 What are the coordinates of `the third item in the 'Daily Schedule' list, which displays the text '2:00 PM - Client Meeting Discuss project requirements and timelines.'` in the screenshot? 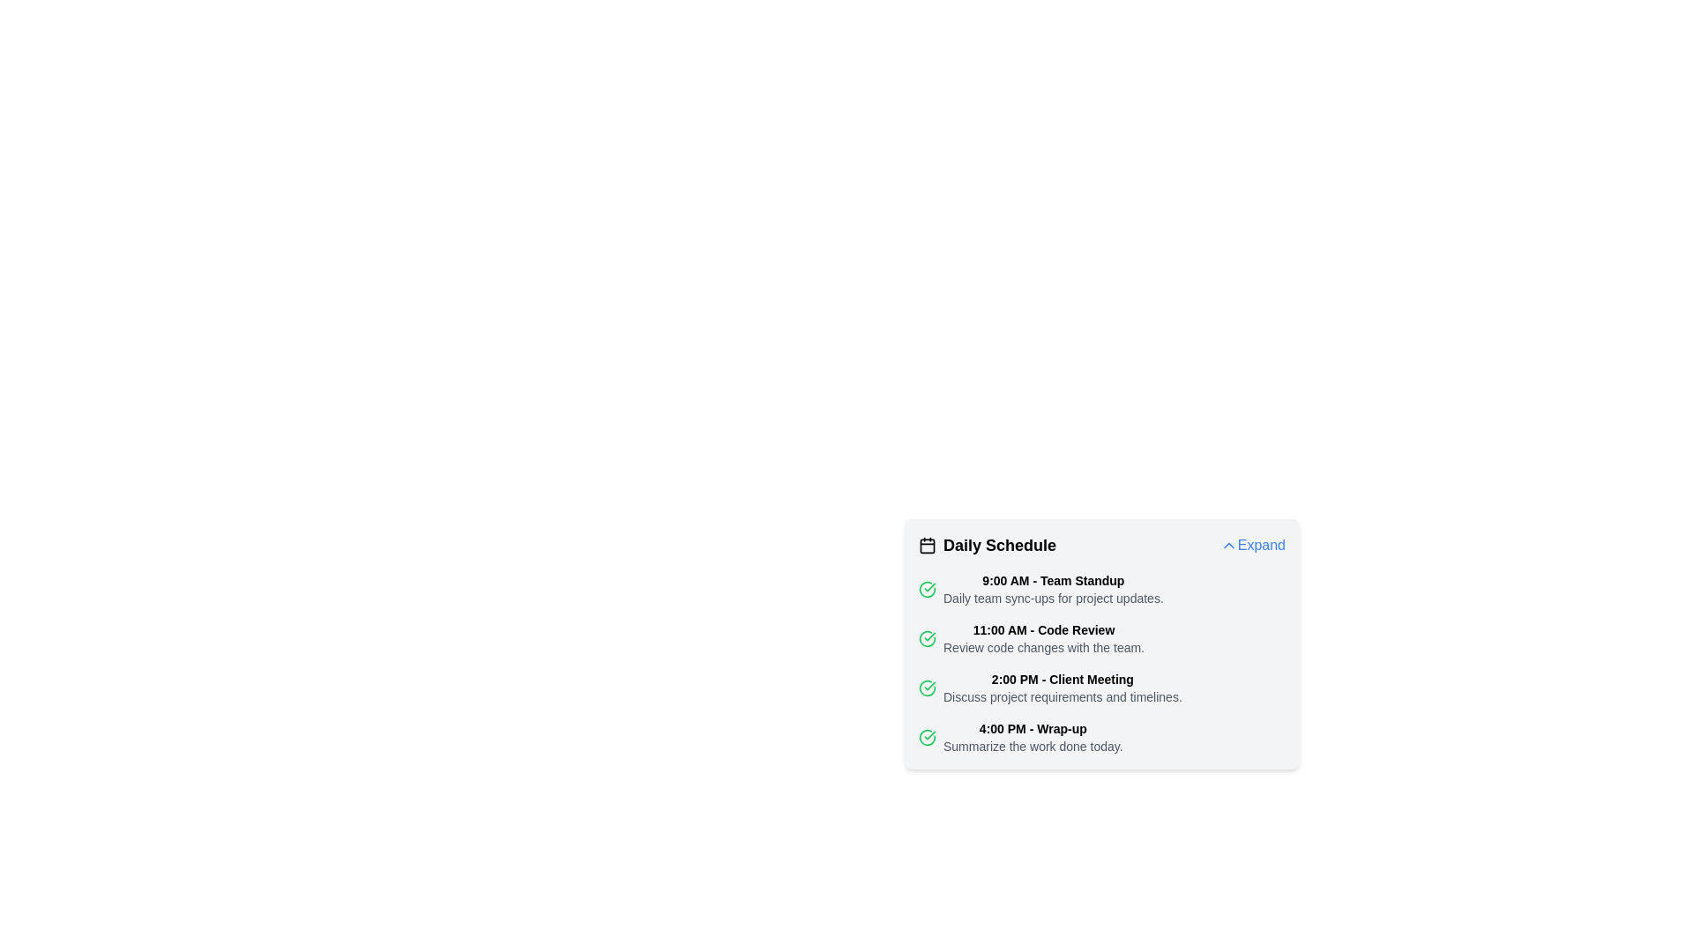 It's located at (1062, 687).